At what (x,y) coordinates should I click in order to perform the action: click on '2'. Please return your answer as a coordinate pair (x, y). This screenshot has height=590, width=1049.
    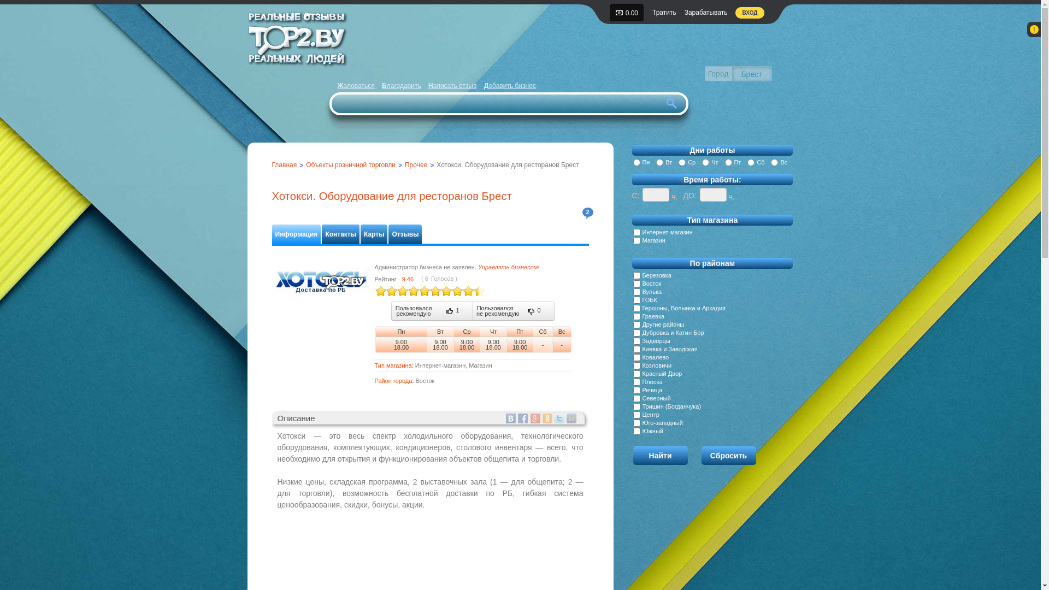
    Looking at the image, I should click on (587, 213).